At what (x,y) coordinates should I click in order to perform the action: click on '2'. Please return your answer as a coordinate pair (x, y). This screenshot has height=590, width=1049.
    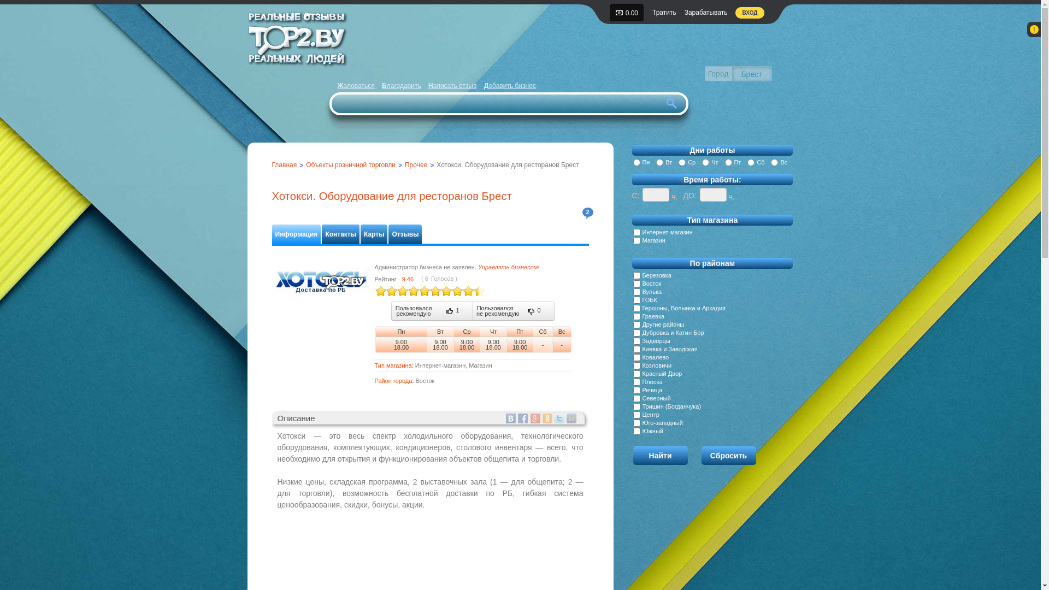
    Looking at the image, I should click on (587, 213).